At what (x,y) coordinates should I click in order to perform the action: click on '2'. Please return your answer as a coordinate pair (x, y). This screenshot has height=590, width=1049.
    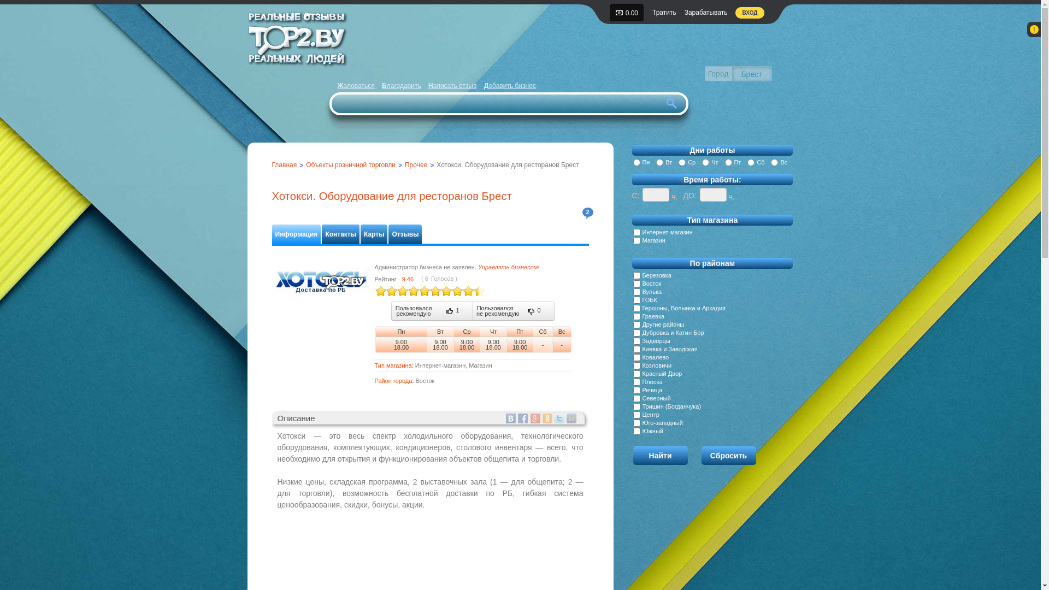
    Looking at the image, I should click on (587, 213).